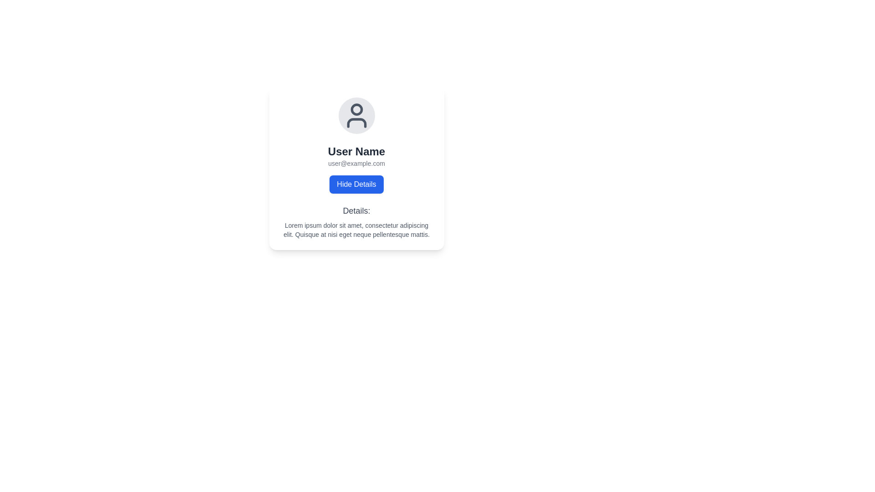 This screenshot has height=492, width=875. What do you see at coordinates (356, 210) in the screenshot?
I see `the 'Details:' text label, which serves as a header for the section below, indicating the beginning of relevant information` at bounding box center [356, 210].